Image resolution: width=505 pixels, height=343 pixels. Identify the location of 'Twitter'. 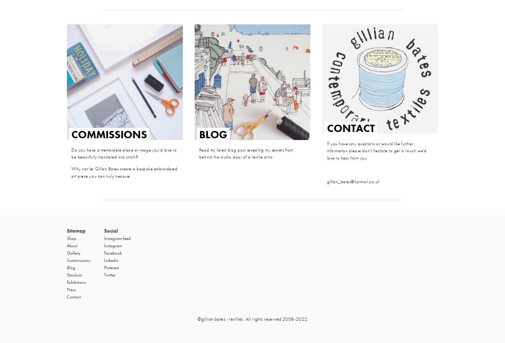
(110, 274).